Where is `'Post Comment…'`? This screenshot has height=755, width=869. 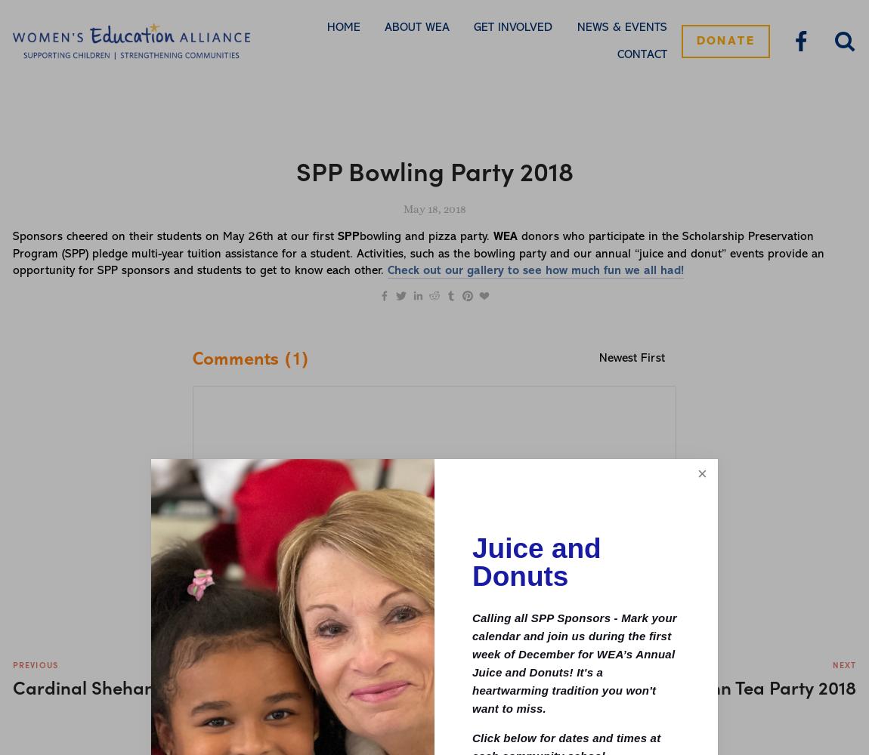
'Post Comment…' is located at coordinates (586, 519).